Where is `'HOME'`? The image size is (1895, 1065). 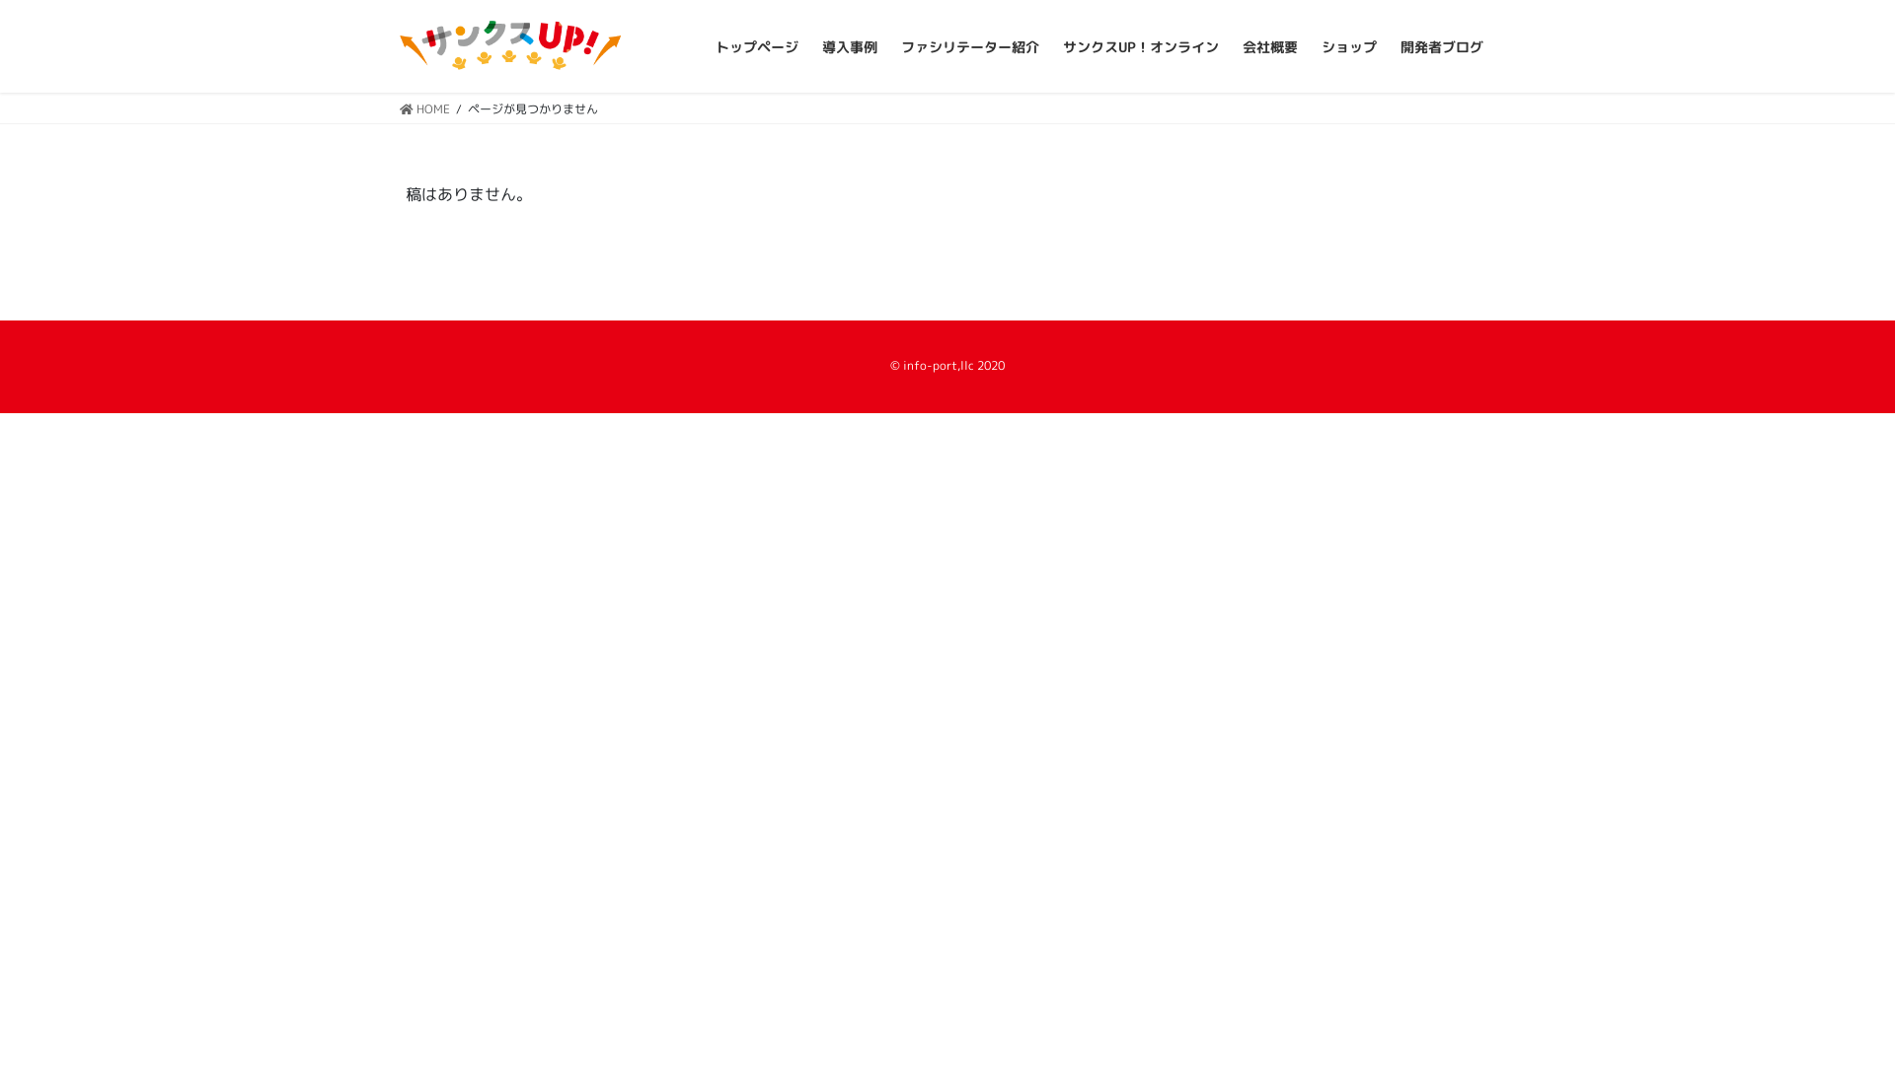
'HOME' is located at coordinates (423, 108).